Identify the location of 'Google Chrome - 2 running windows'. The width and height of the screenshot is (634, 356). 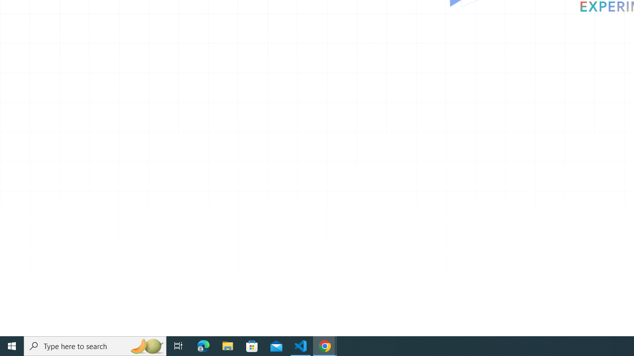
(325, 345).